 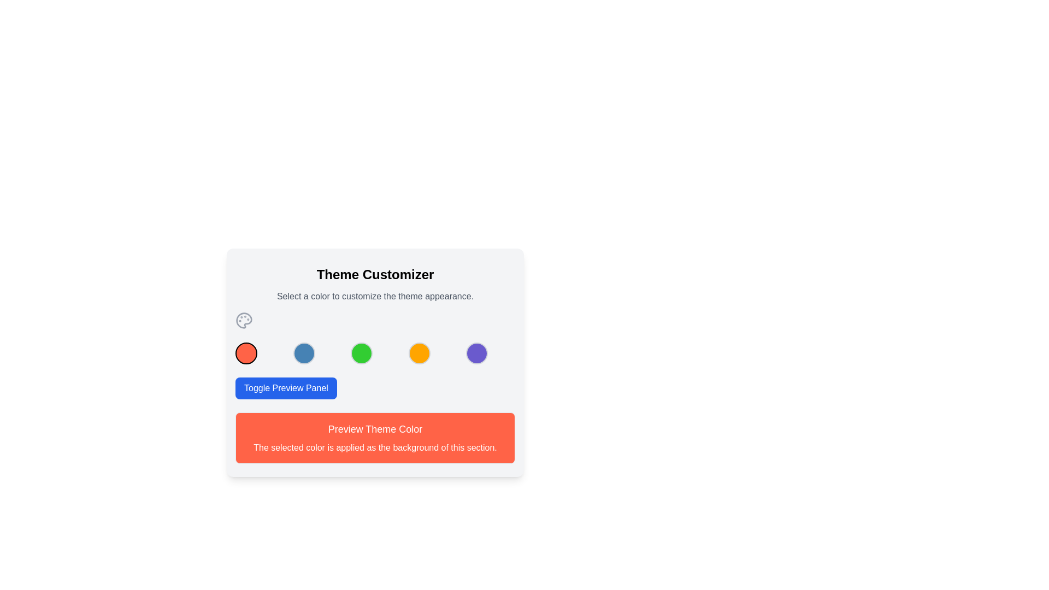 I want to click on the third circular button in the 'Theme Customizer' panel, so click(x=362, y=353).